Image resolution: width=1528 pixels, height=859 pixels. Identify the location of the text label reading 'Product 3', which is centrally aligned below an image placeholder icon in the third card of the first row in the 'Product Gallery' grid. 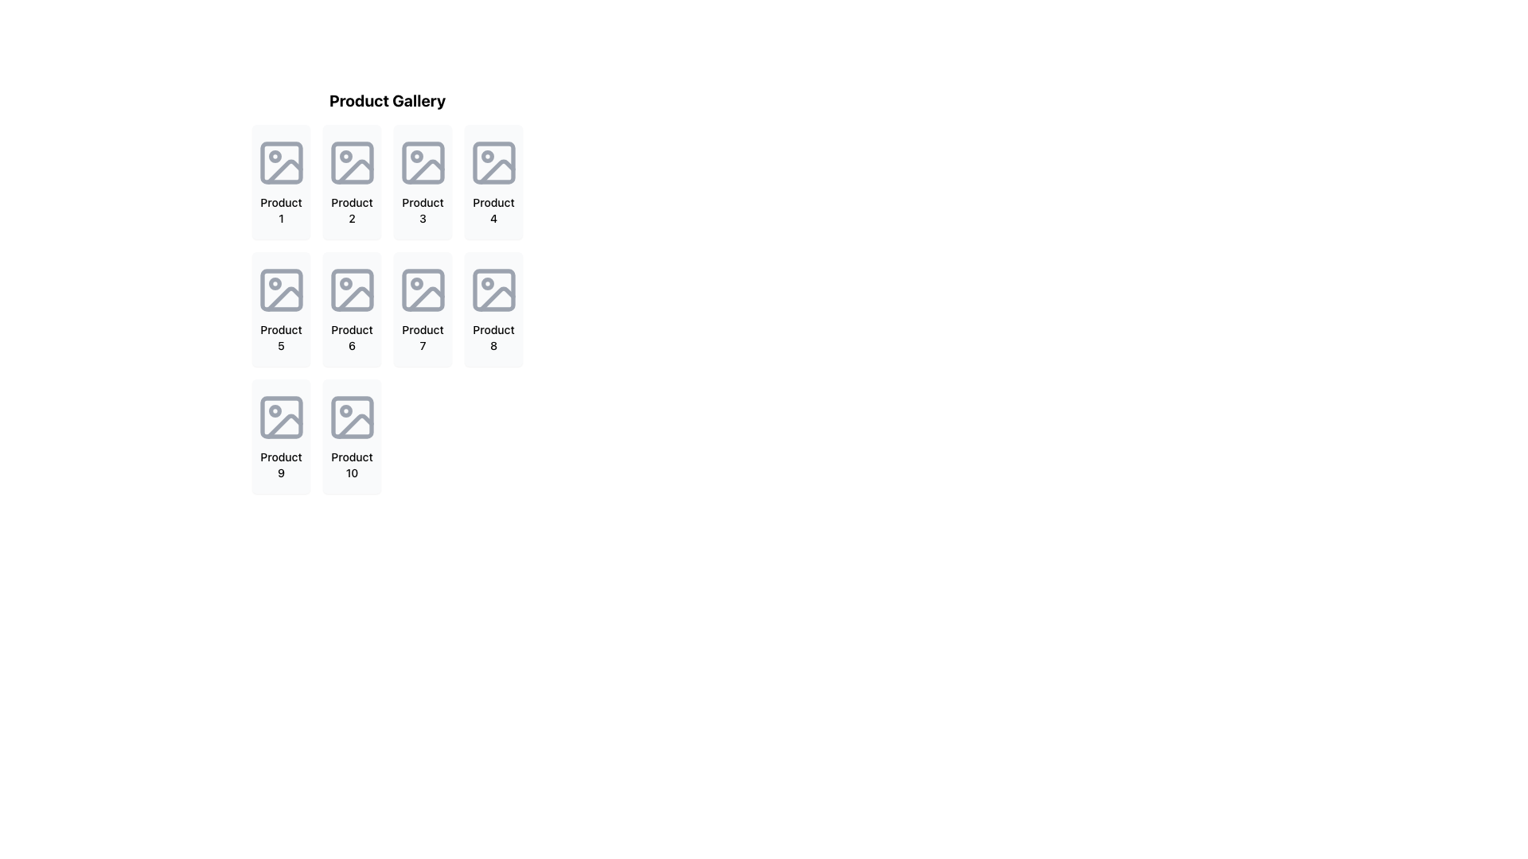
(423, 210).